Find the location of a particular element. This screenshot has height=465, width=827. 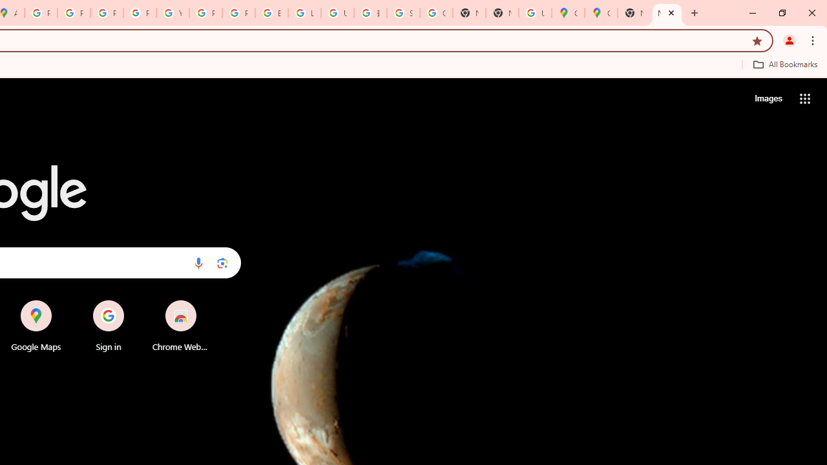

'Browse Chrome as a guest - Computer - Google Chrome Help' is located at coordinates (271, 13).